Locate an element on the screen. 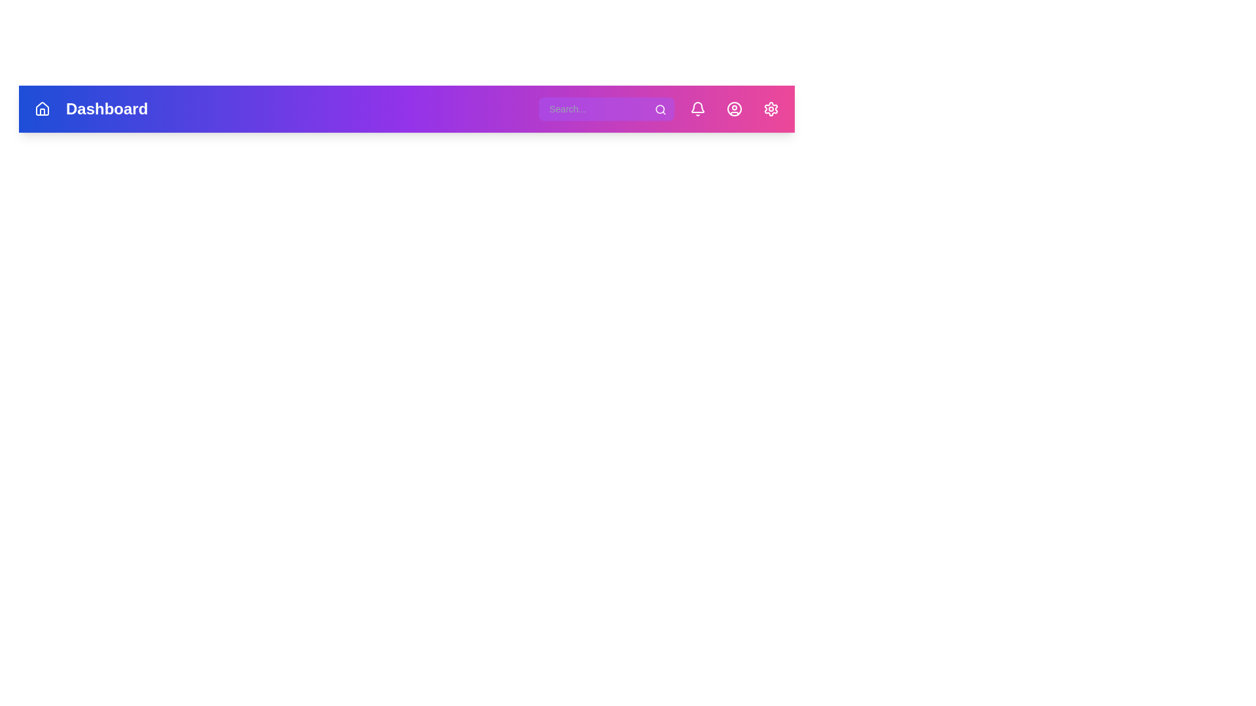 Image resolution: width=1256 pixels, height=706 pixels. settings button to open the application settings is located at coordinates (771, 108).